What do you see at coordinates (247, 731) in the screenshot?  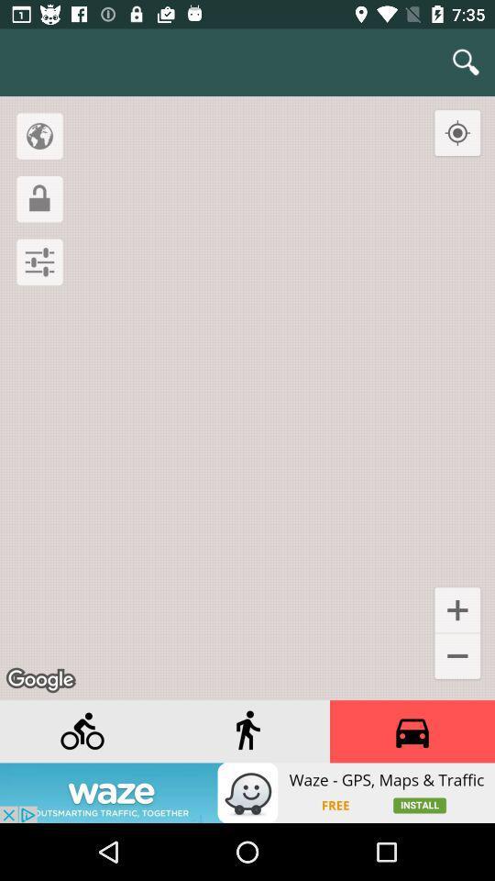 I see `the street view` at bounding box center [247, 731].